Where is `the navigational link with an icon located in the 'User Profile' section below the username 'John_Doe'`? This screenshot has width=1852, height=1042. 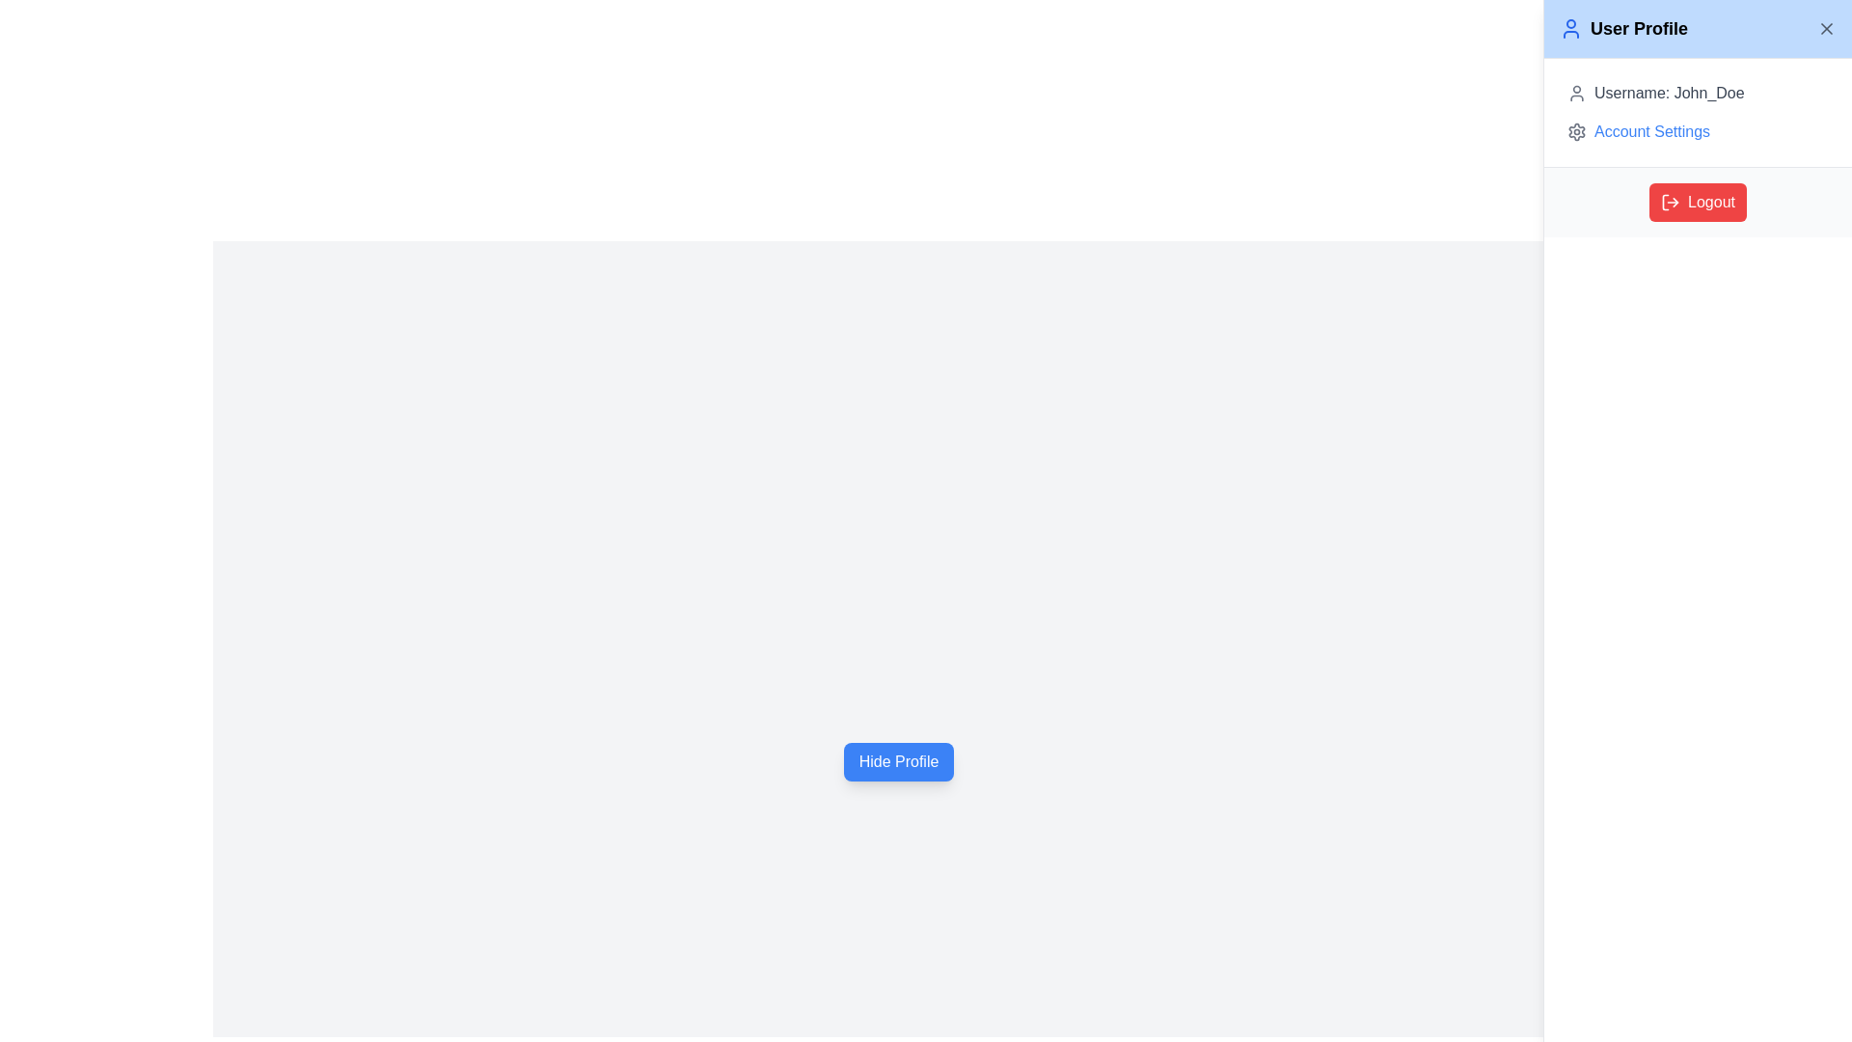 the navigational link with an icon located in the 'User Profile' section below the username 'John_Doe' is located at coordinates (1698, 131).